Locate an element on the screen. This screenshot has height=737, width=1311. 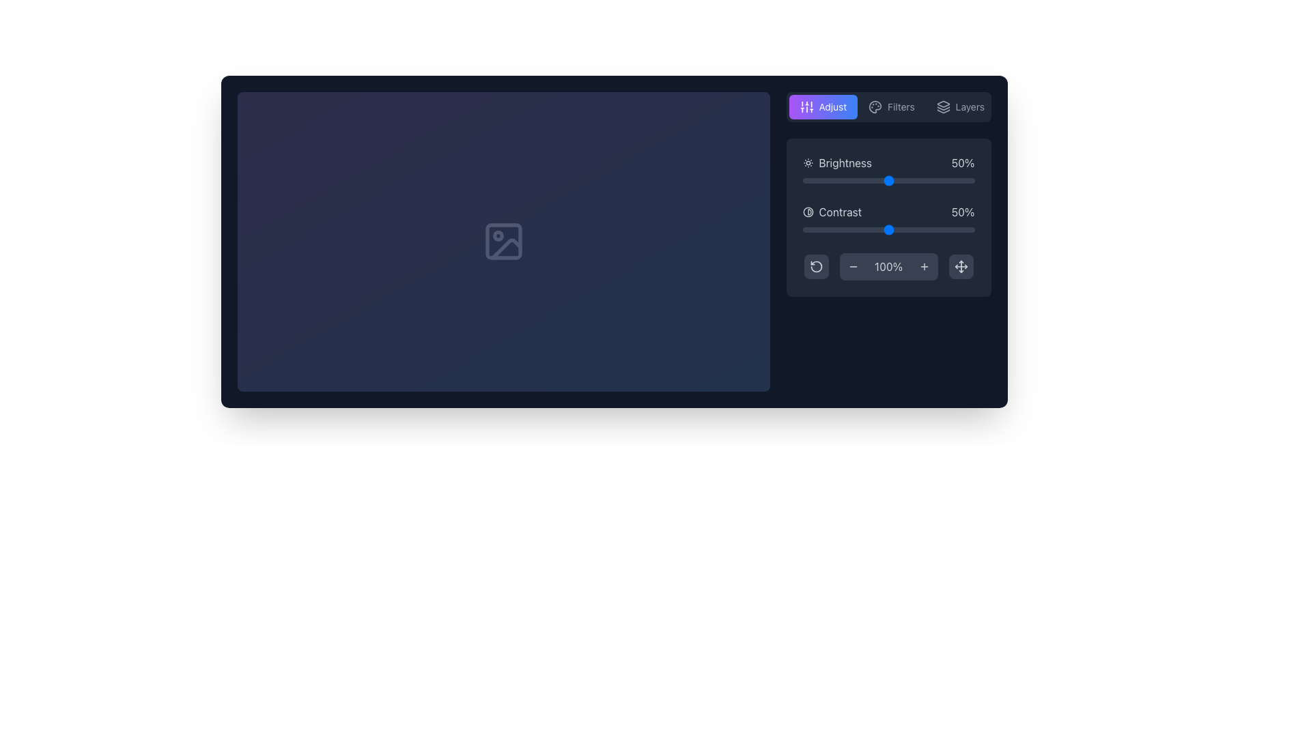
the button located at the bottom-right corner of the control panel is located at coordinates (960, 266).